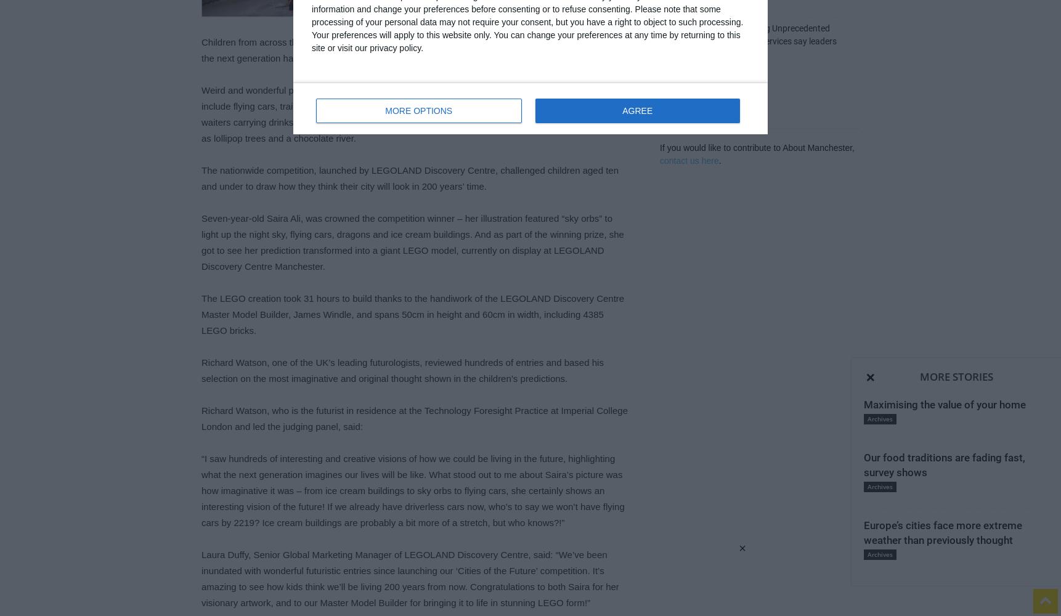  What do you see at coordinates (201, 370) in the screenshot?
I see `'Richard Watson, one of the UK’s leading futurologists, reviewed hundreds of entries and based his selection on the most imaginative and original thought shown in the children’s predictions.'` at bounding box center [201, 370].